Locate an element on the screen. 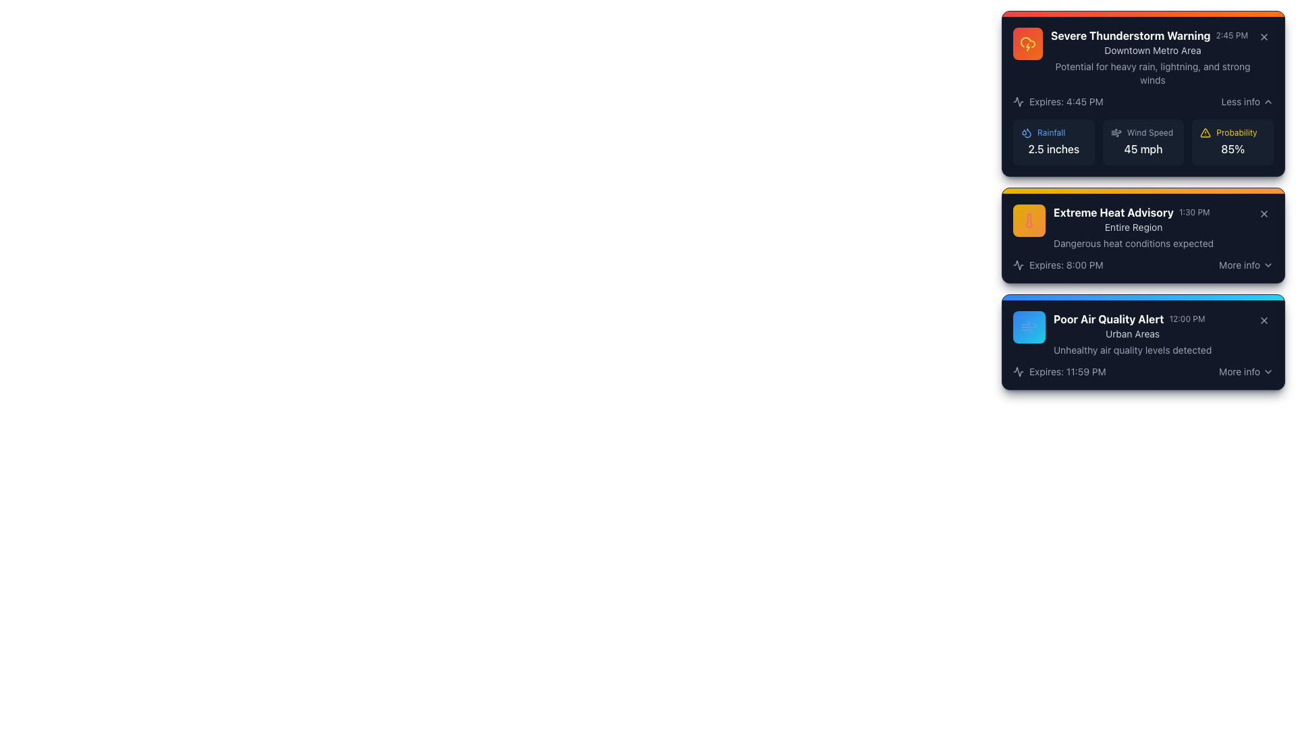 The image size is (1296, 729). the close button located at the top right corner of the alert card for 'Severe Thunderstorm Warning' is located at coordinates (1263, 36).